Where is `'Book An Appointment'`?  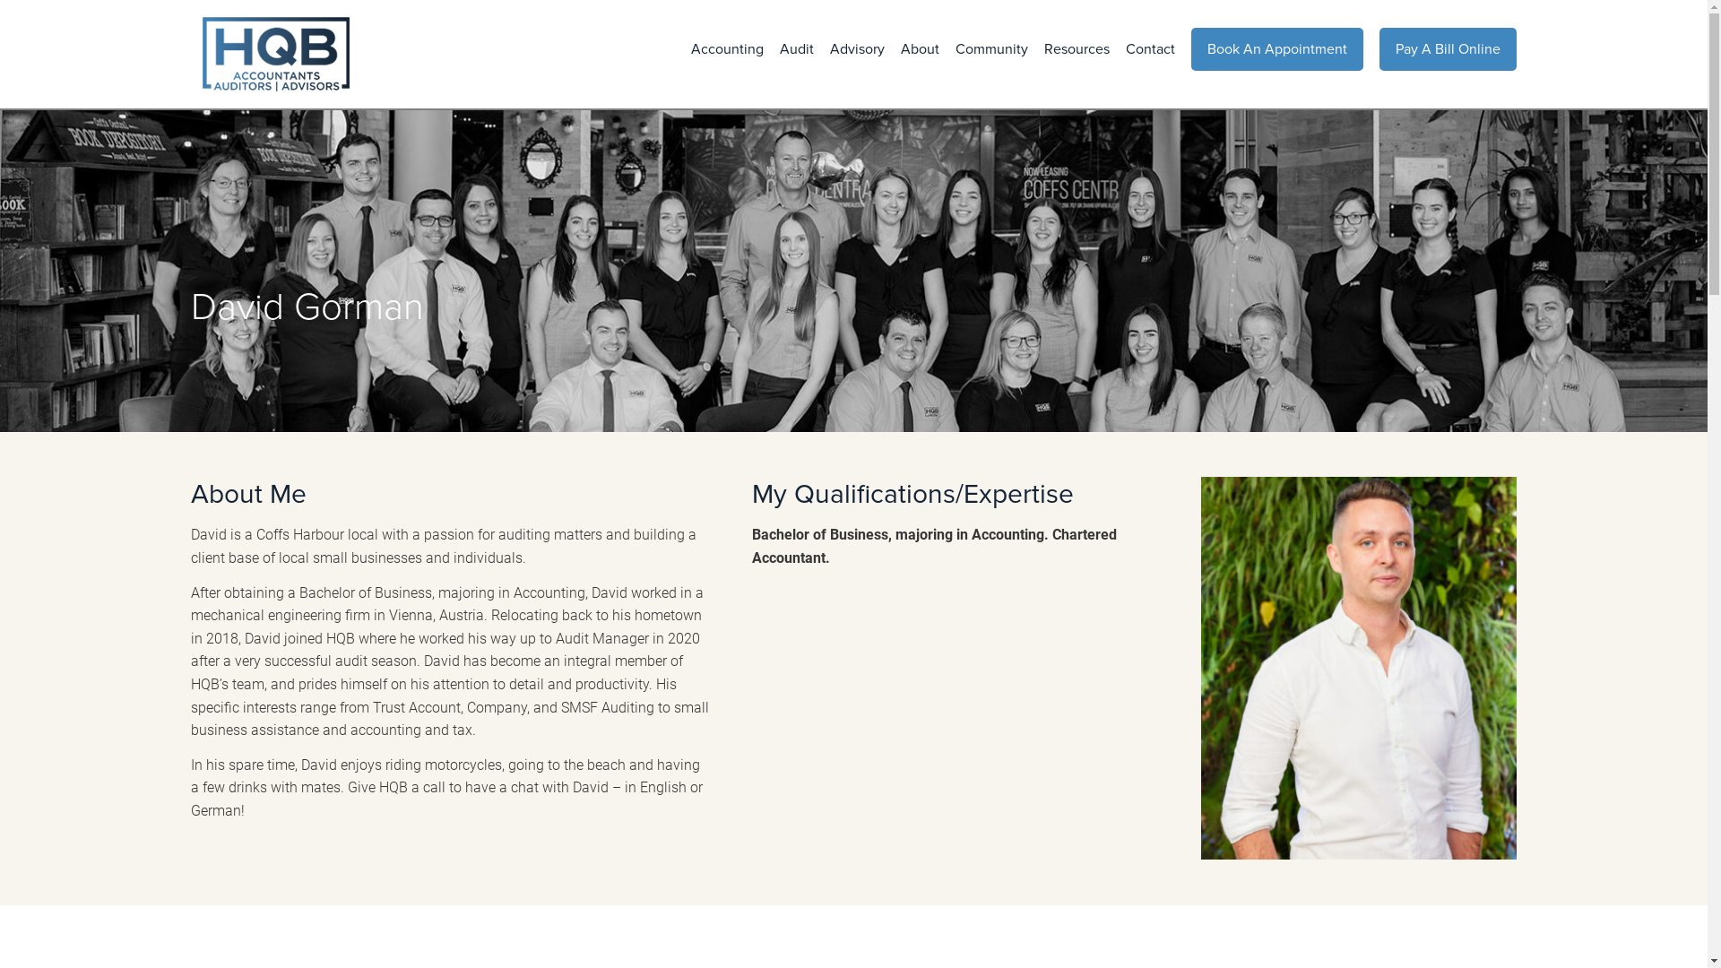 'Book An Appointment' is located at coordinates (1276, 48).